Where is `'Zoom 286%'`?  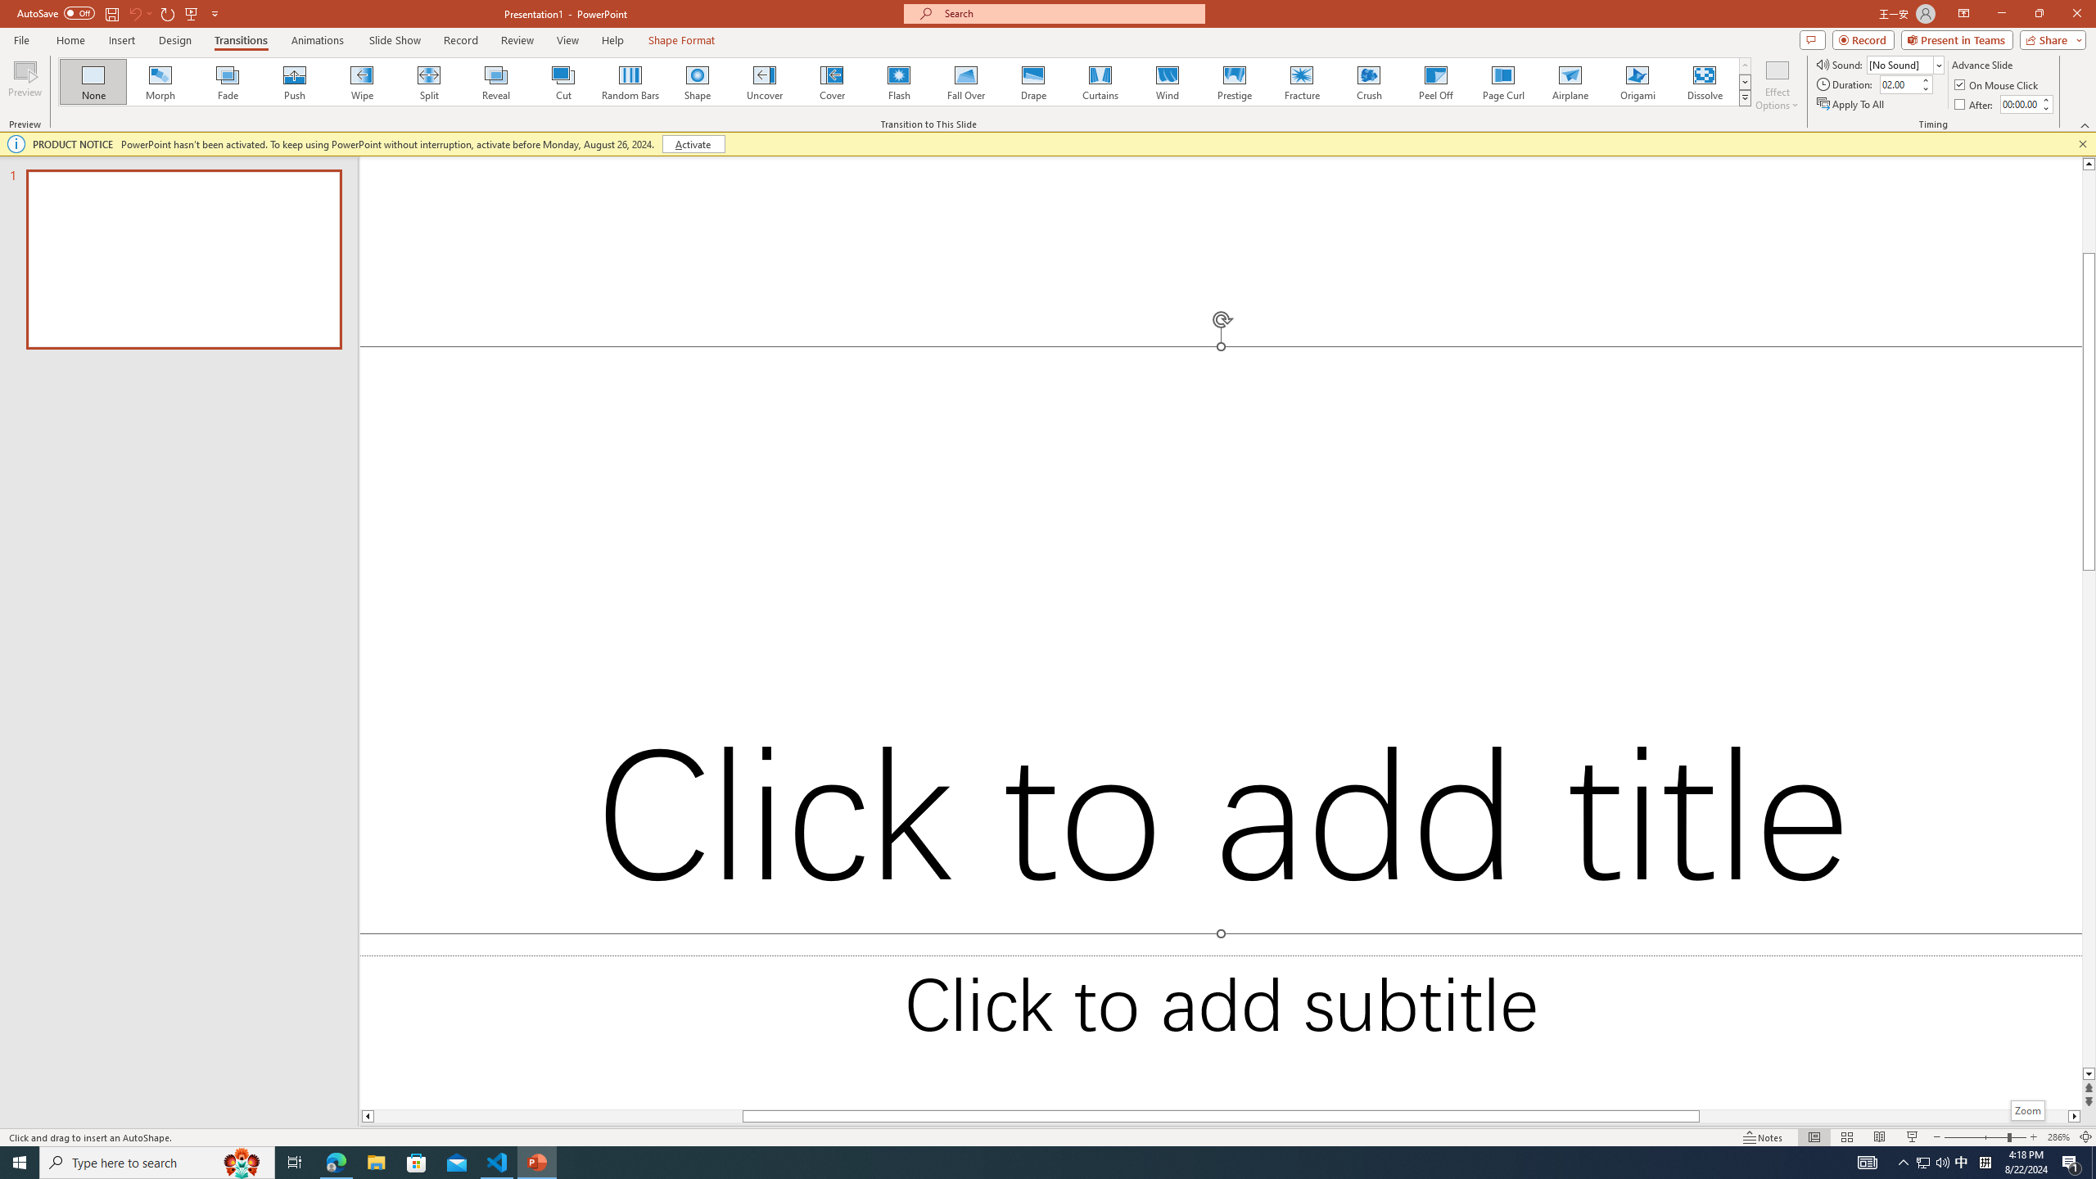 'Zoom 286%' is located at coordinates (2059, 1137).